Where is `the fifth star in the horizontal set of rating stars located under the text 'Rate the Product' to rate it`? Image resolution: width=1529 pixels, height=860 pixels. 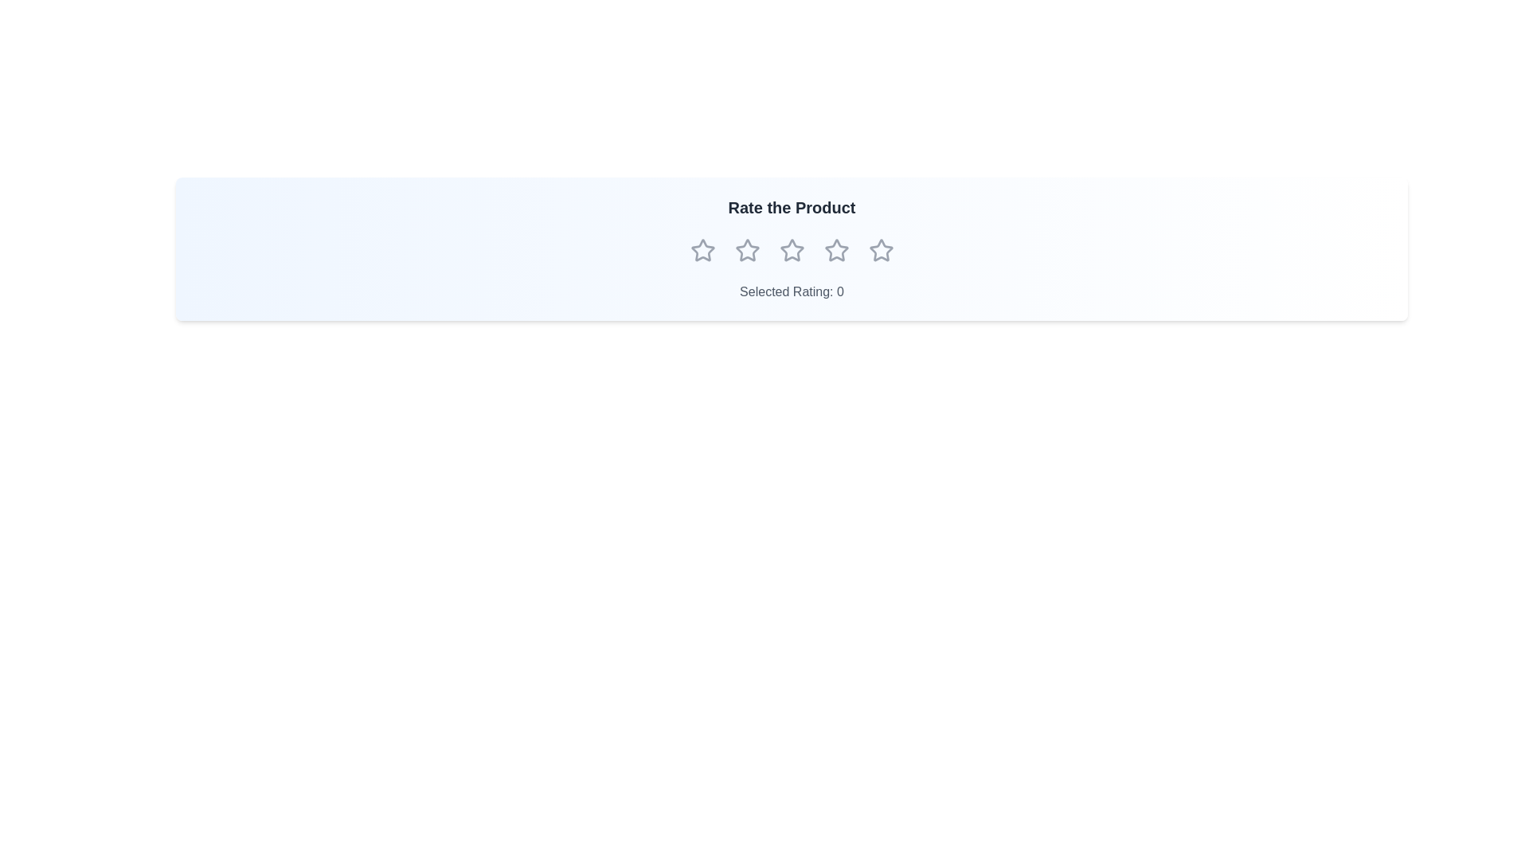
the fifth star in the horizontal set of rating stars located under the text 'Rate the Product' to rate it is located at coordinates (880, 250).